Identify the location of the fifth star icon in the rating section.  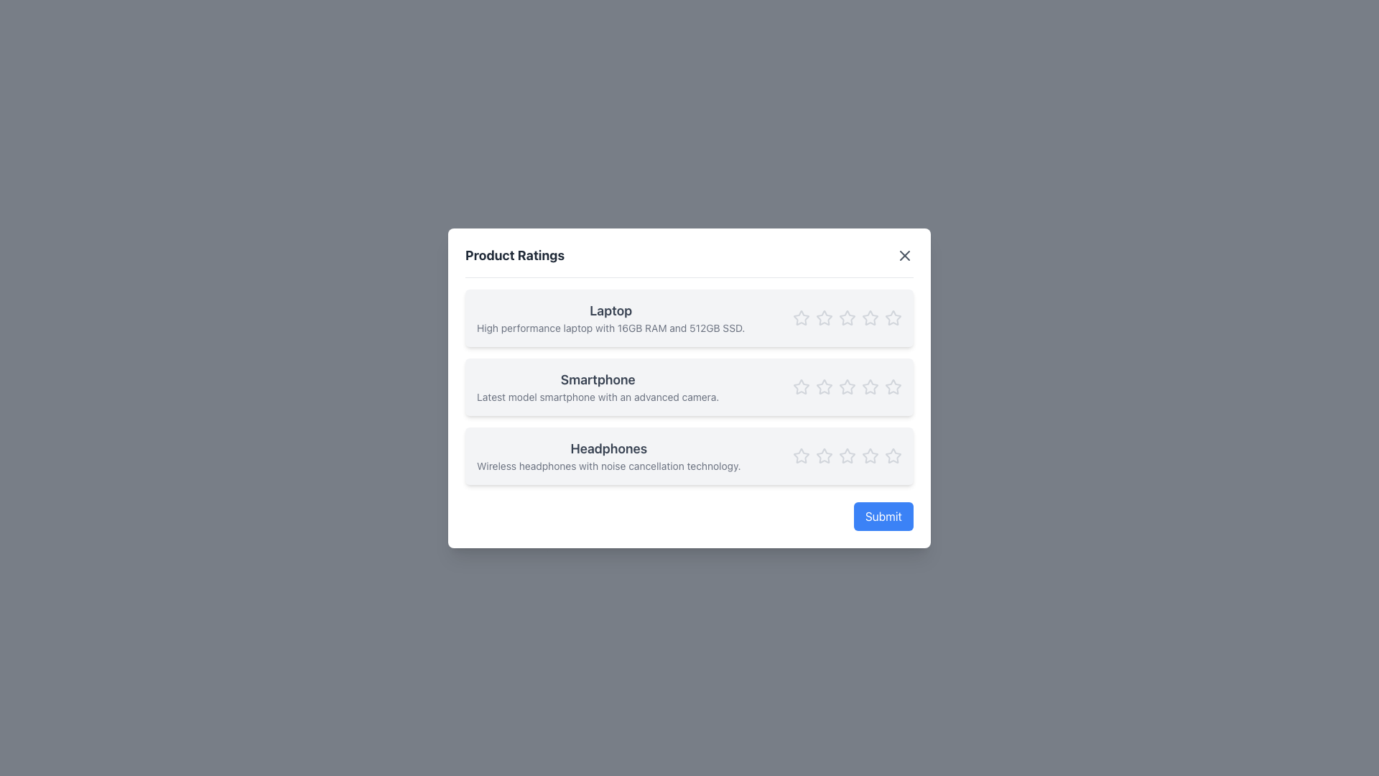
(892, 386).